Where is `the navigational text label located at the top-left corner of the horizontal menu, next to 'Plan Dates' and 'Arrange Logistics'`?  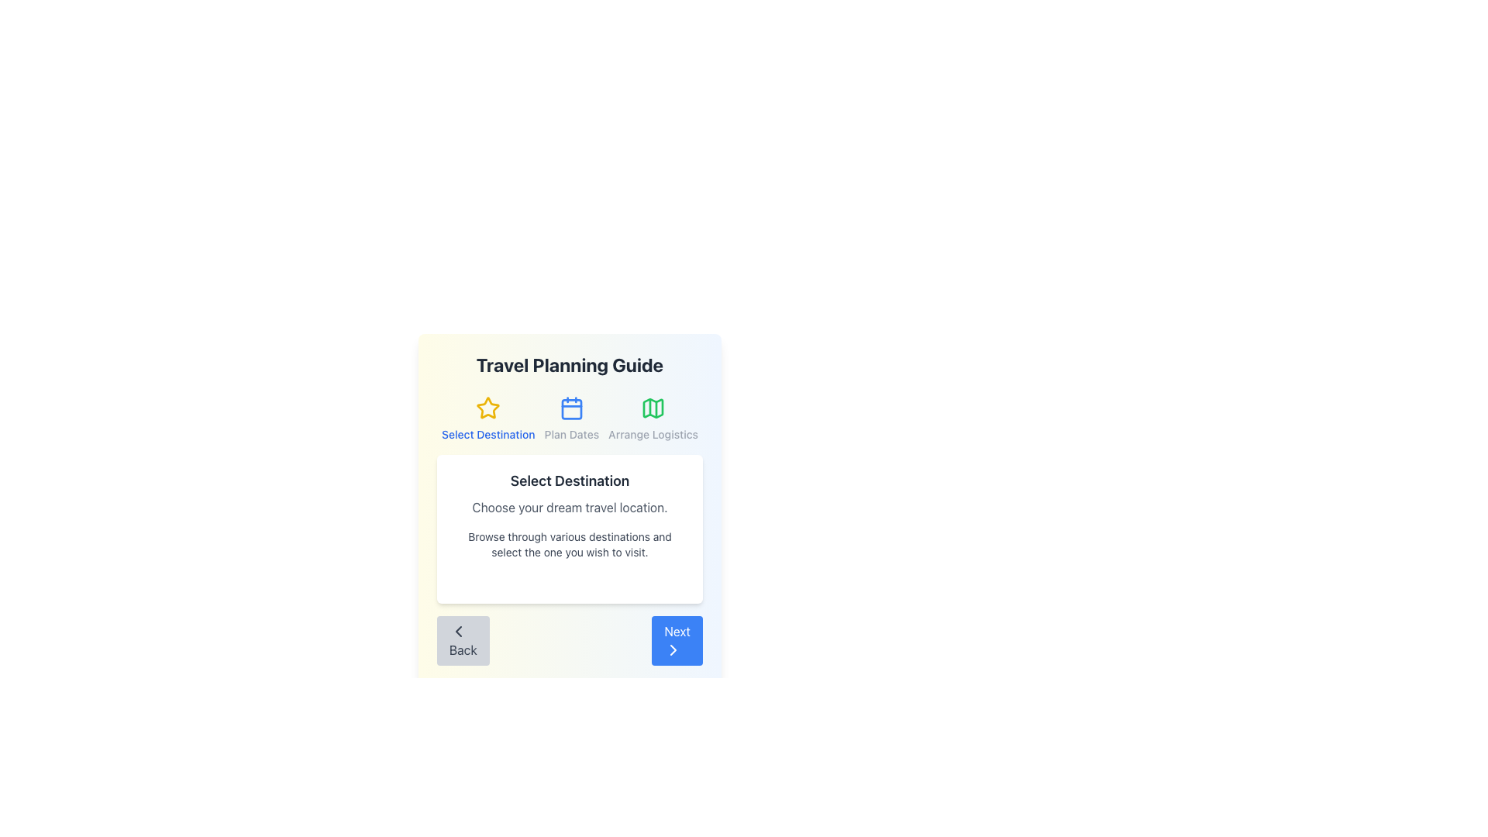
the navigational text label located at the top-left corner of the horizontal menu, next to 'Plan Dates' and 'Arrange Logistics' is located at coordinates (487, 418).